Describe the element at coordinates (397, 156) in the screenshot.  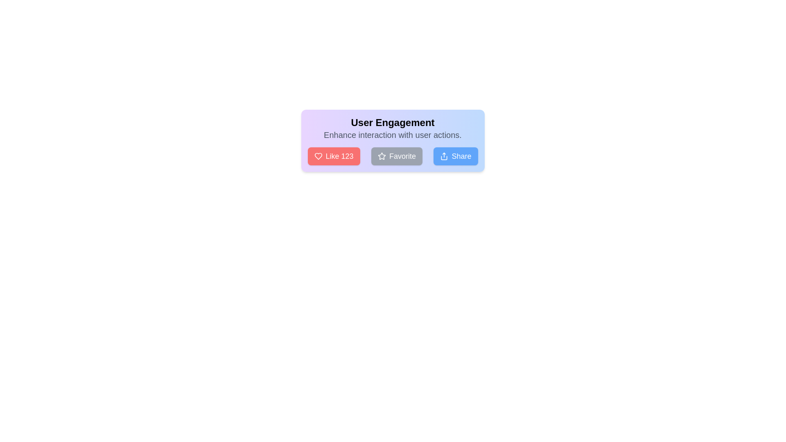
I see `the second button from the left in the horizontal layout to mark the associated content as a favorite` at that location.